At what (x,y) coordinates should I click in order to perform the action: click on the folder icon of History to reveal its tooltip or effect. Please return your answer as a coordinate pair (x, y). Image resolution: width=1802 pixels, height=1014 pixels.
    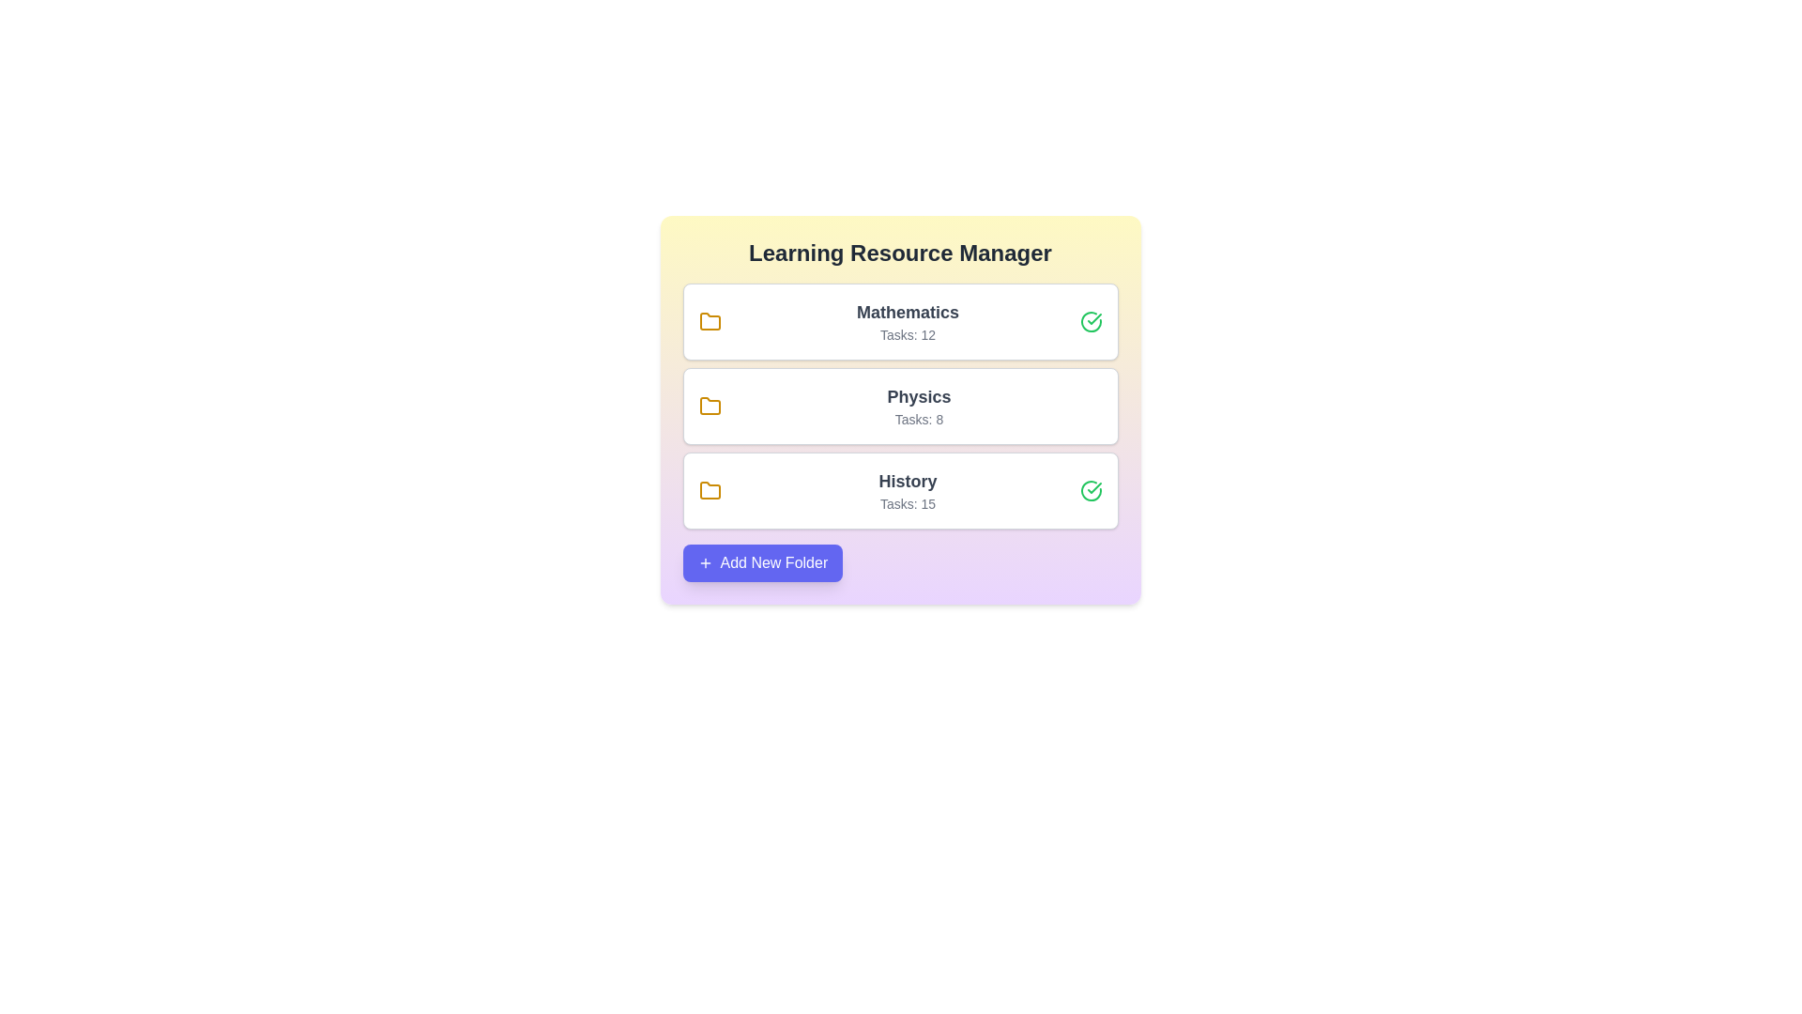
    Looking at the image, I should click on (709, 490).